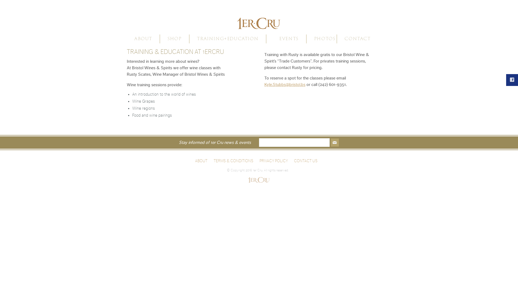  What do you see at coordinates (228, 38) in the screenshot?
I see `'TRAINING+EDUCATION'` at bounding box center [228, 38].